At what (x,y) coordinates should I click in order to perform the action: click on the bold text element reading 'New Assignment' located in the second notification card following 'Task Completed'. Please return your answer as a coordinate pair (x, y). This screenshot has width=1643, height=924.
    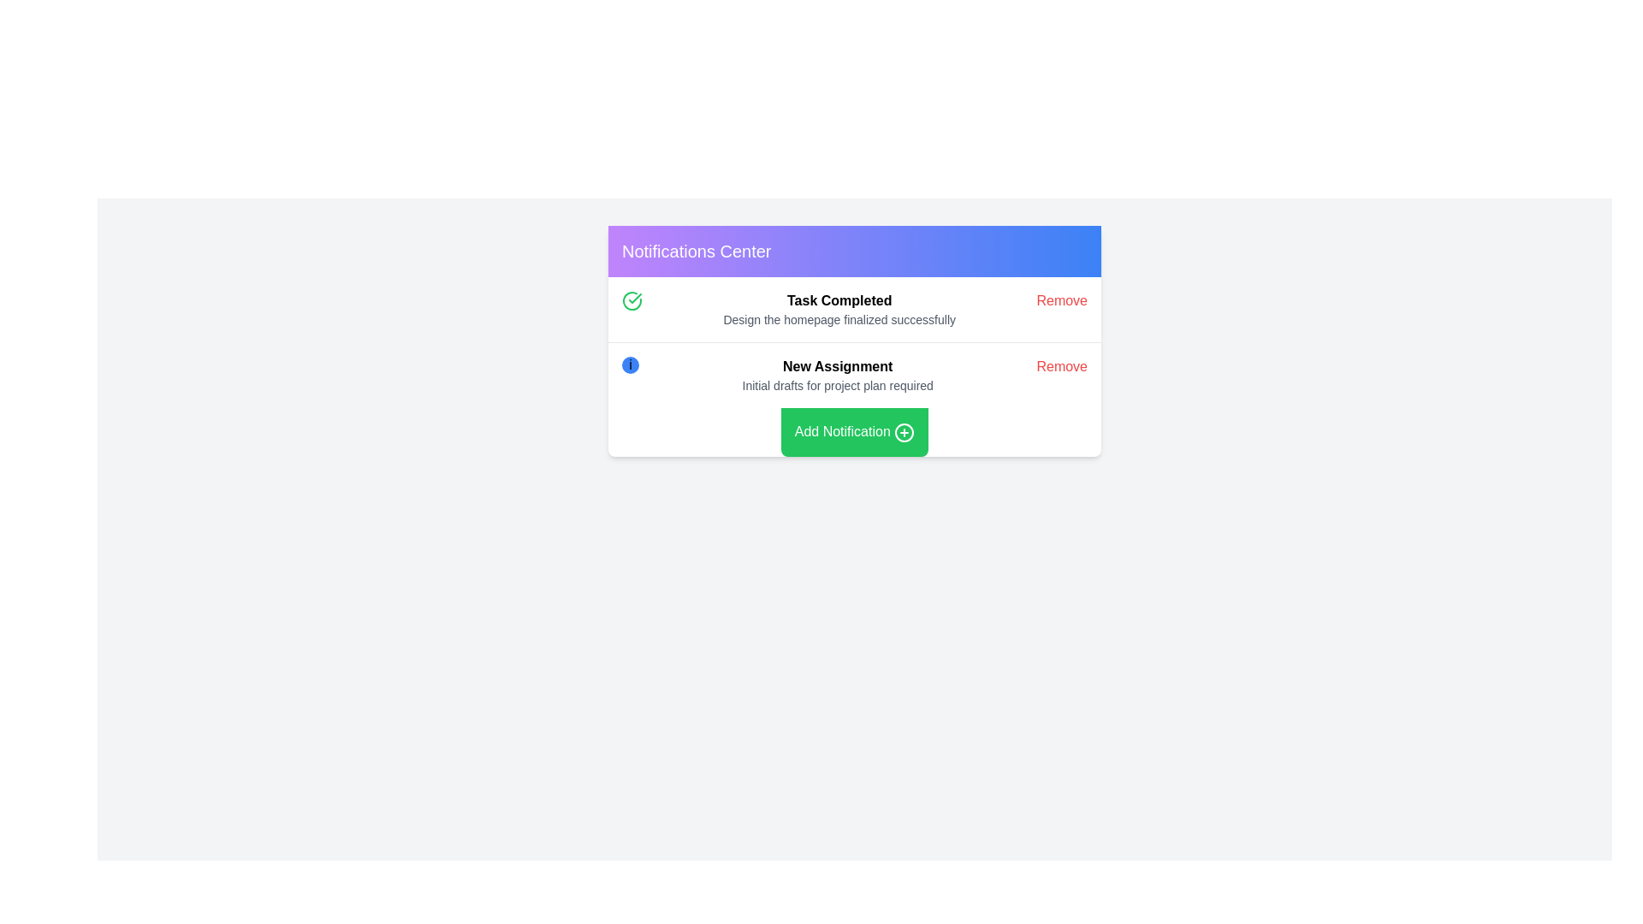
    Looking at the image, I should click on (838, 365).